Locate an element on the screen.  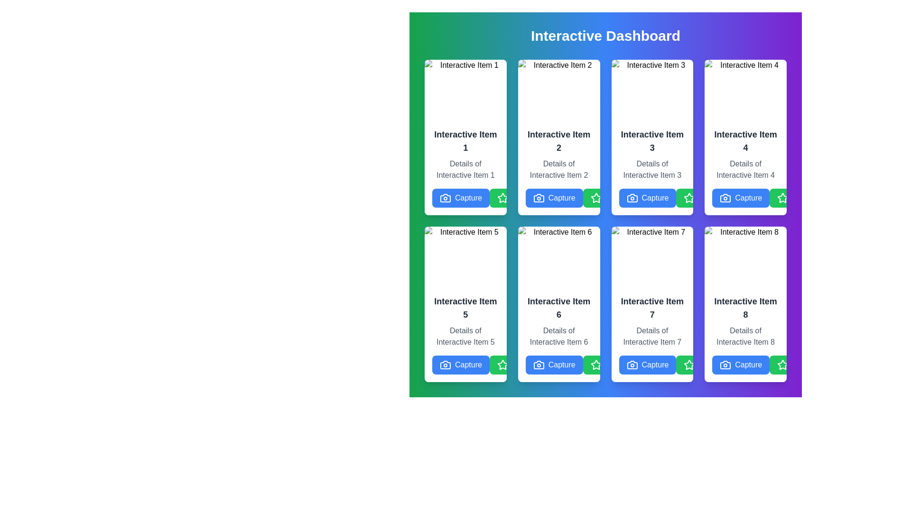
the red 'Like' button with rounded edges and a heart icon is located at coordinates (662, 365).